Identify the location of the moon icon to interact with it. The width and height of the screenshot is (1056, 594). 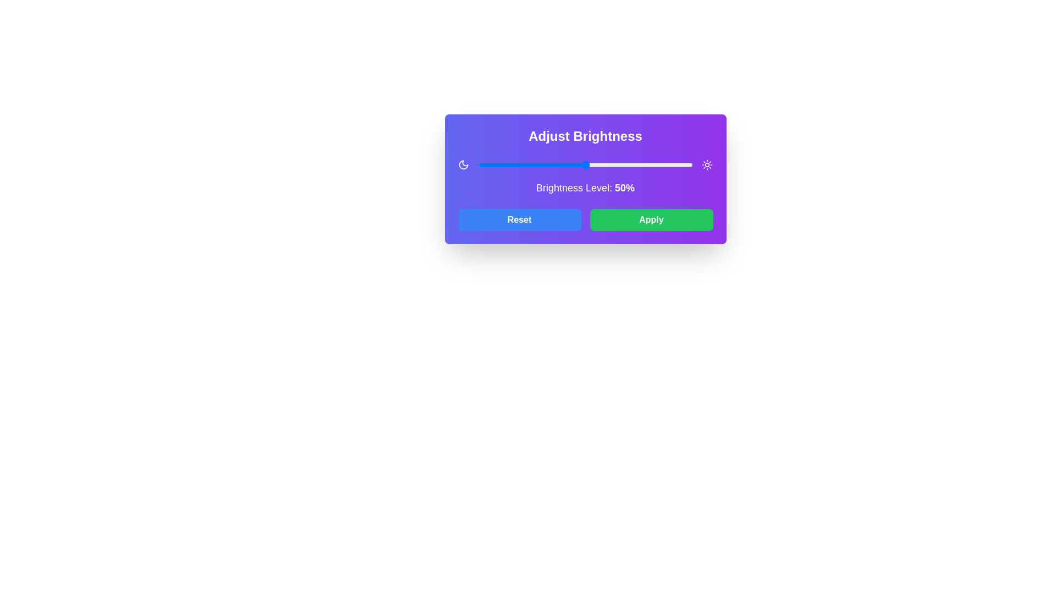
(463, 165).